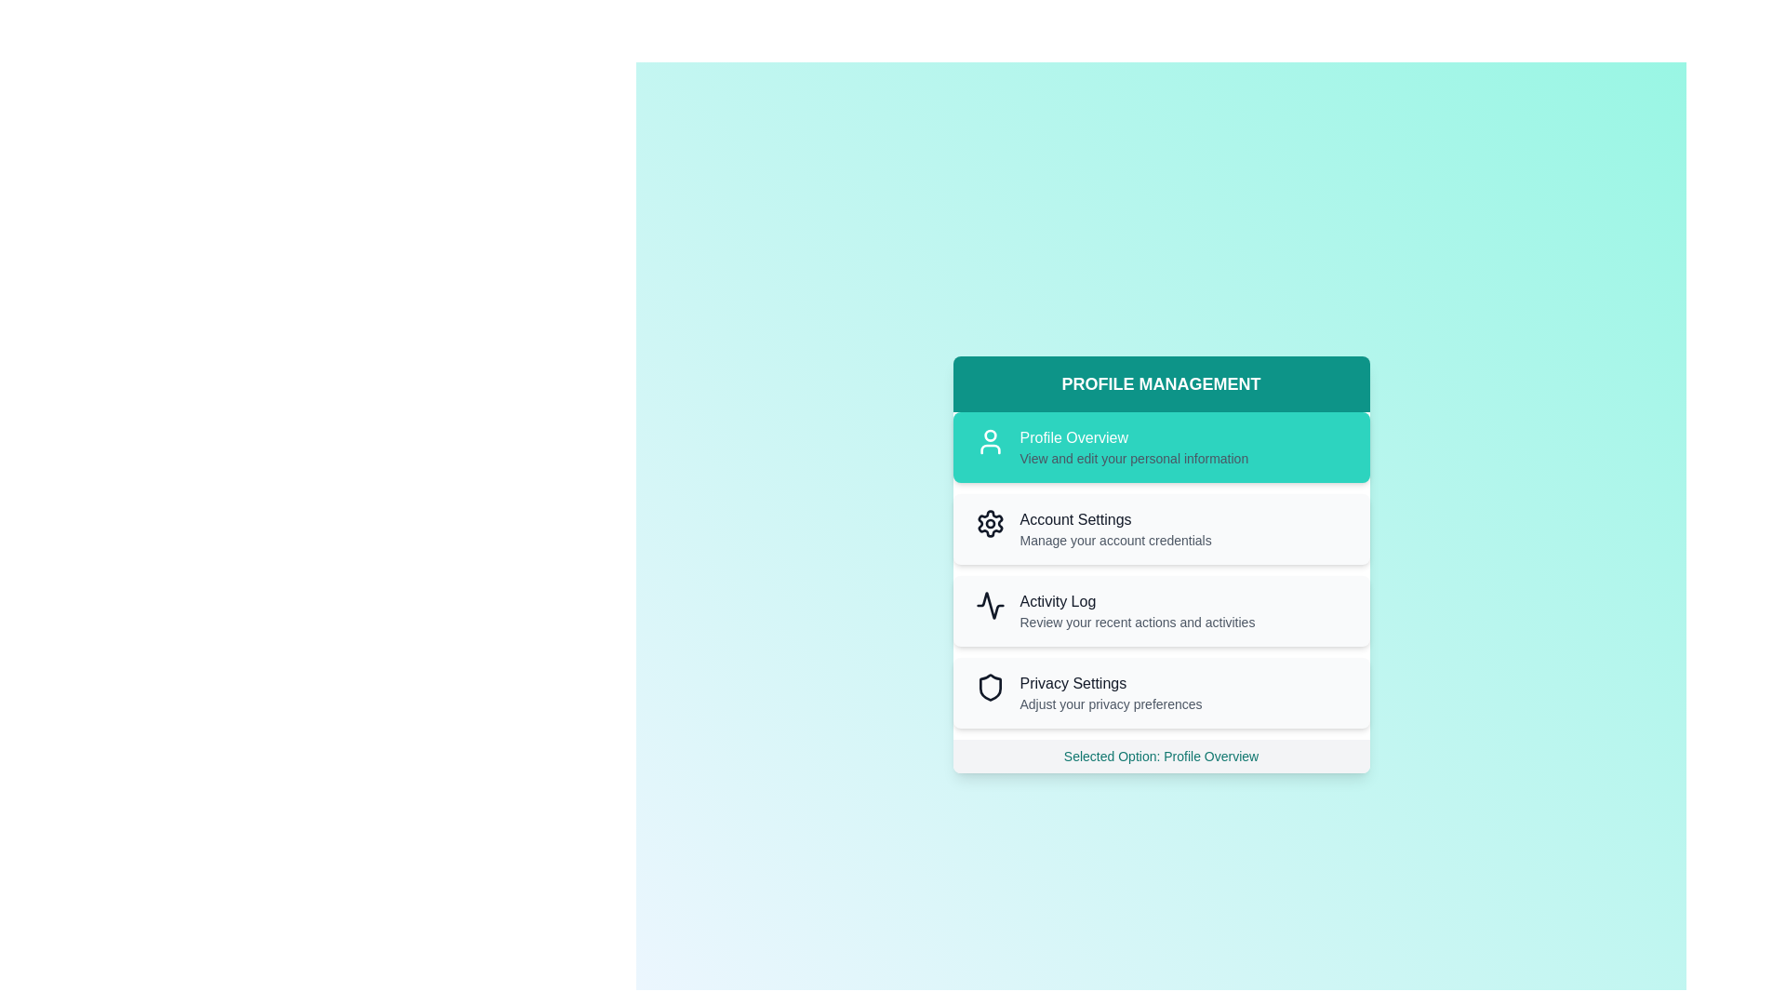 This screenshot has height=1005, width=1786. I want to click on the menu option Privacy Settings by clicking on it, so click(1160, 692).